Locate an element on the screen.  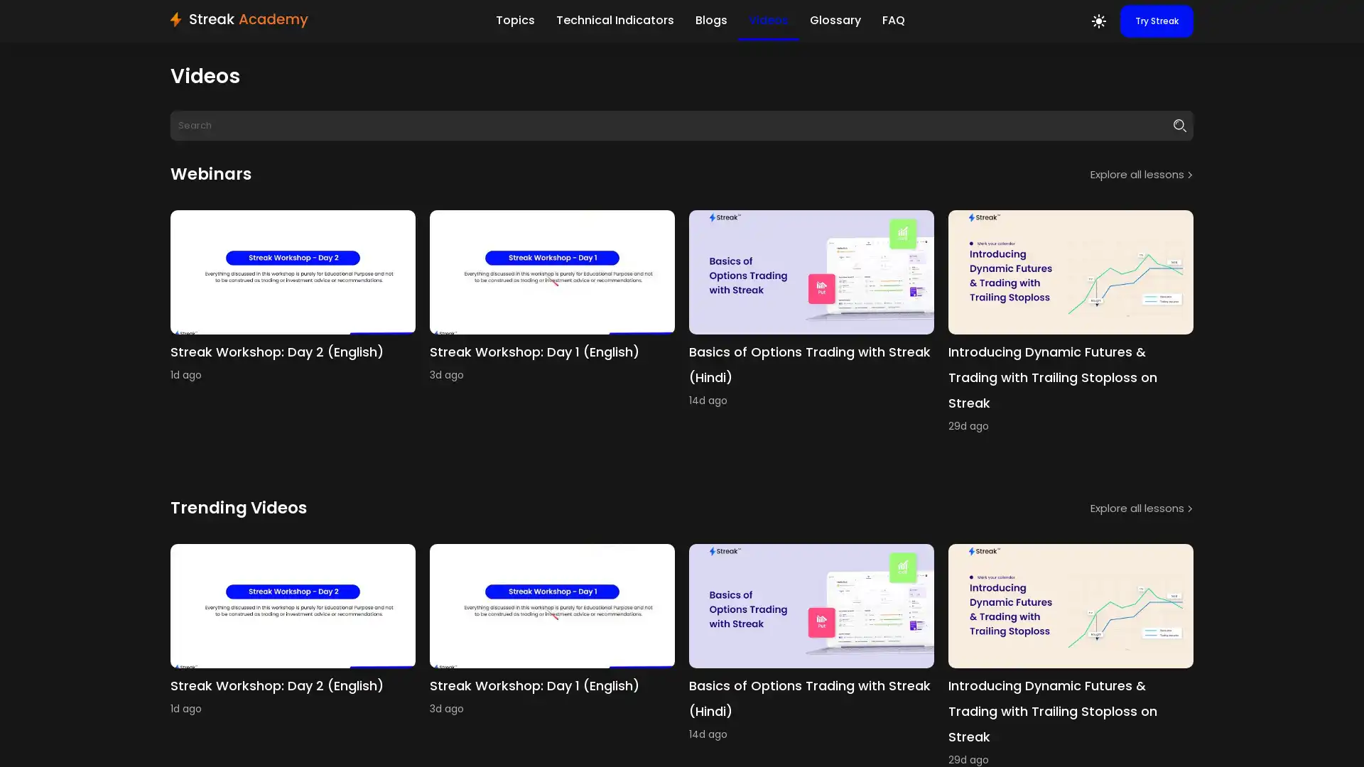
Videos is located at coordinates (767, 21).